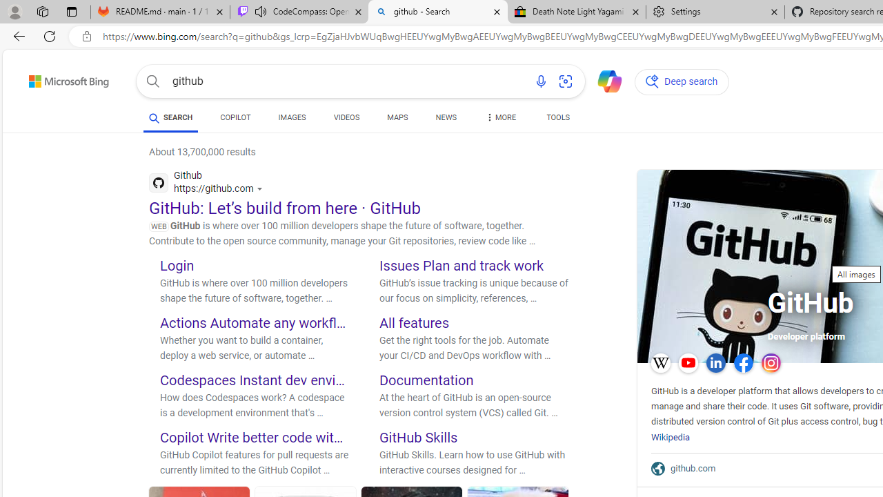 The height and width of the screenshot is (497, 883). I want to click on 'GitHub Skills', so click(418, 437).